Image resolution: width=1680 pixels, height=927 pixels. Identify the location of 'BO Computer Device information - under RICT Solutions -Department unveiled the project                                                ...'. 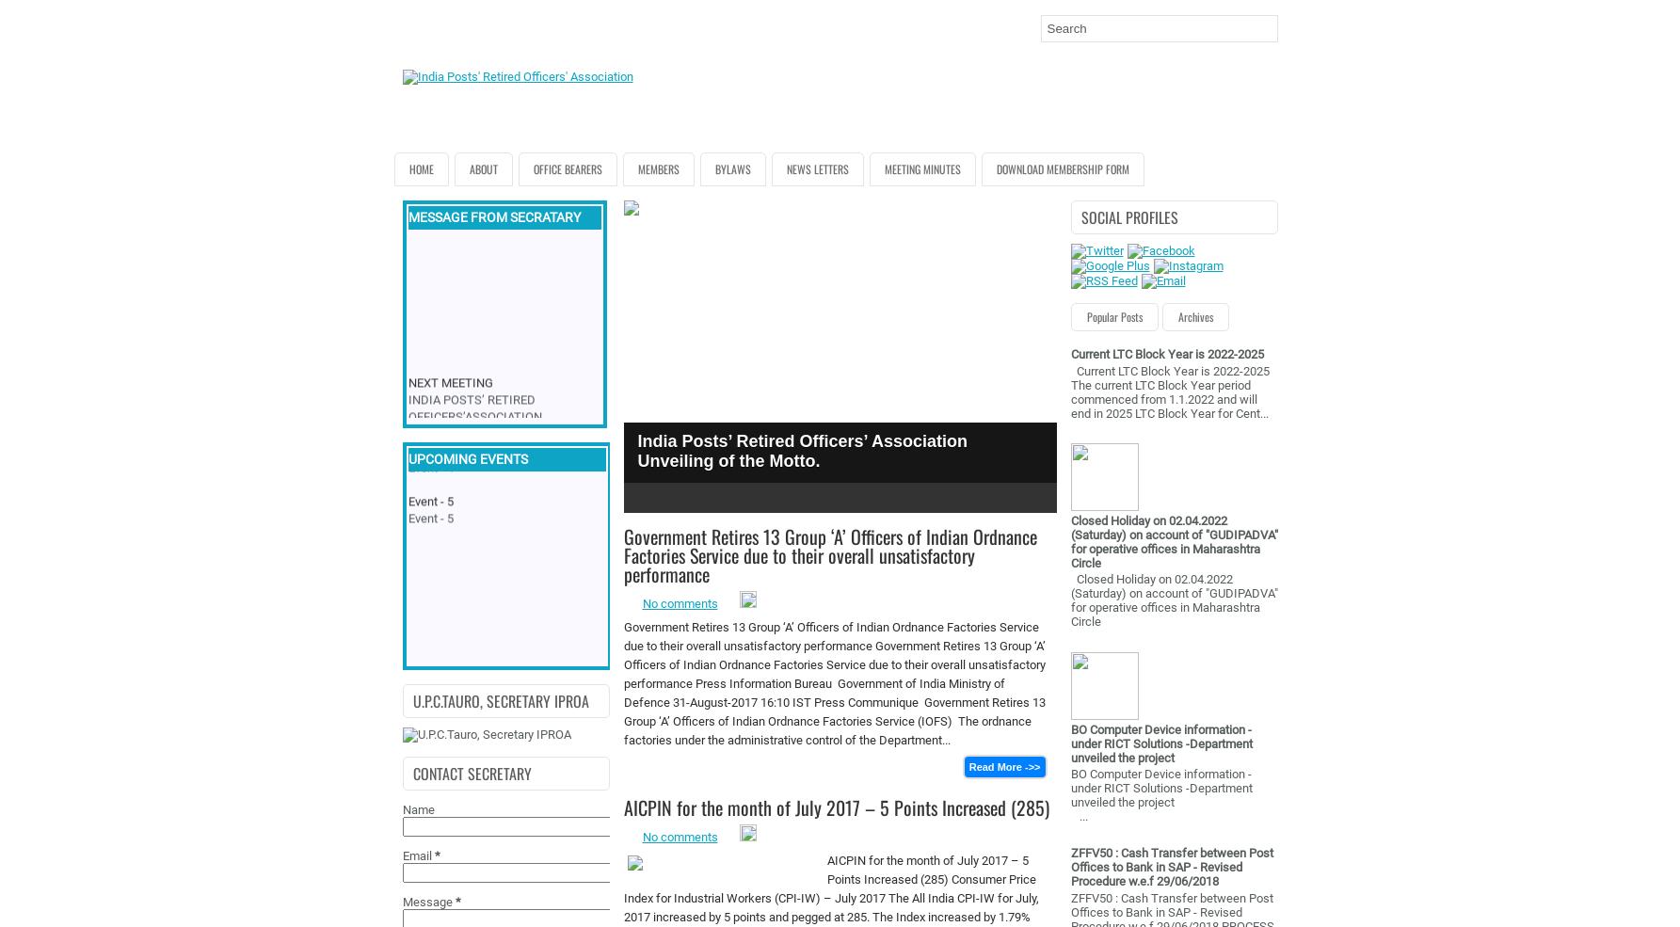
(1171, 794).